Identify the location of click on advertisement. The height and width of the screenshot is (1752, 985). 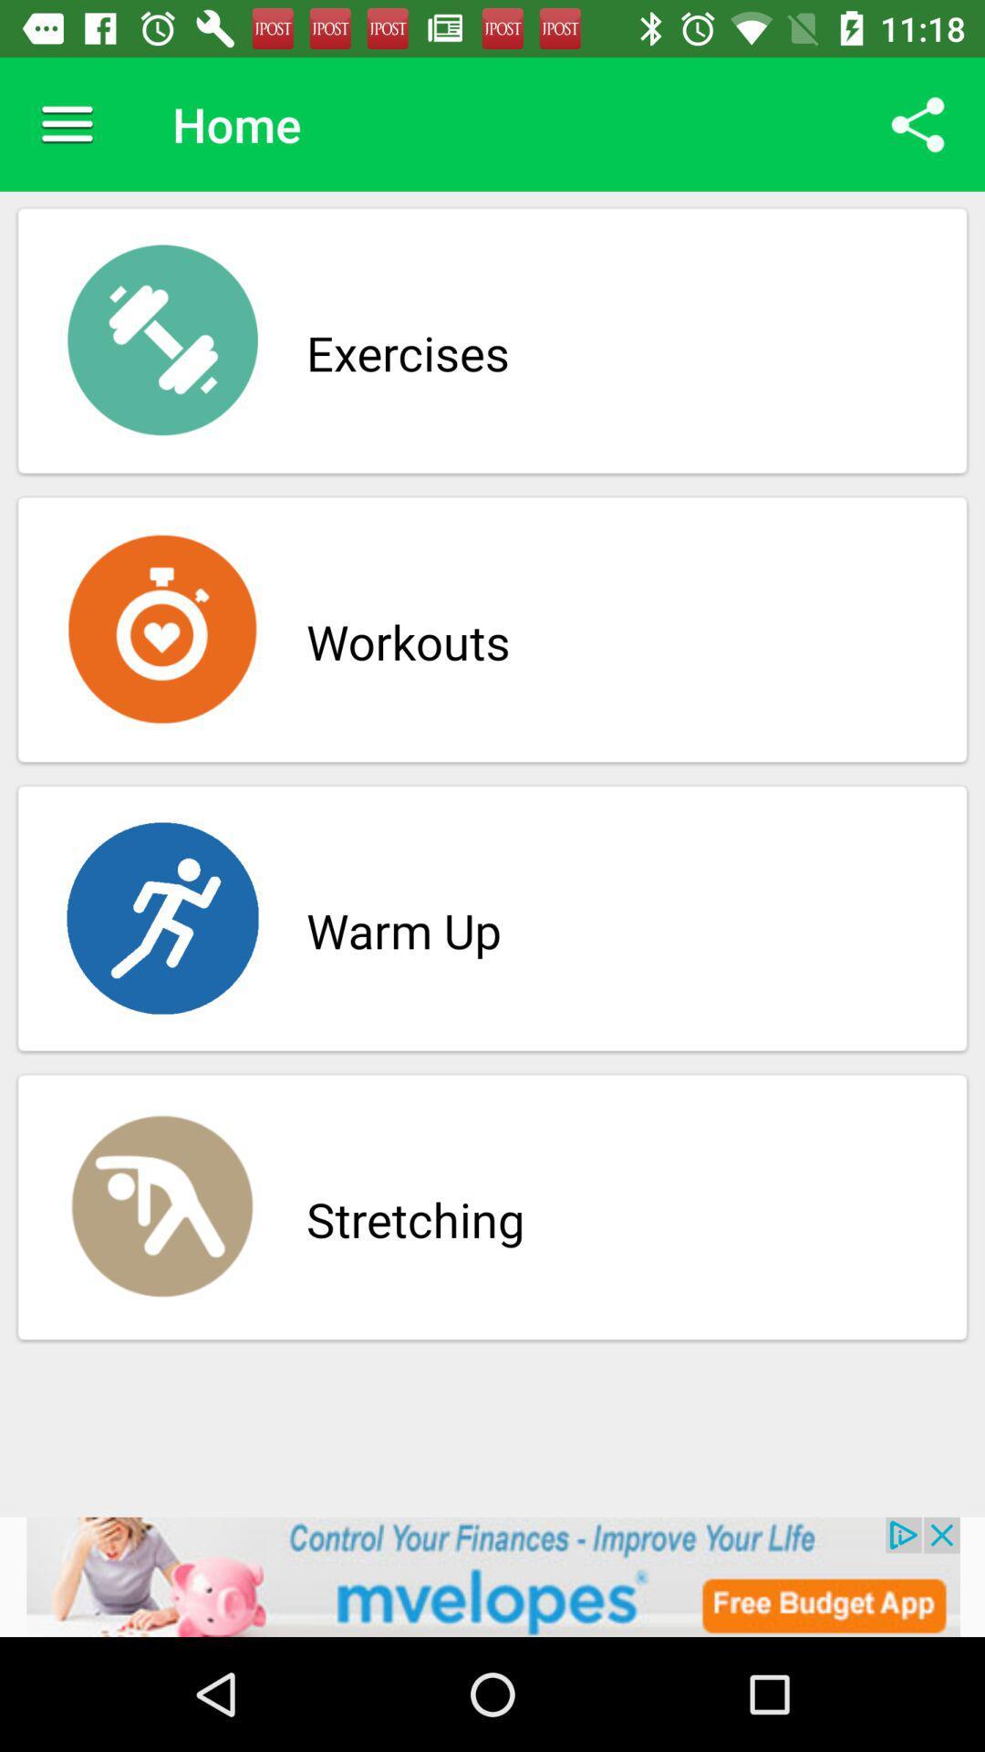
(493, 1576).